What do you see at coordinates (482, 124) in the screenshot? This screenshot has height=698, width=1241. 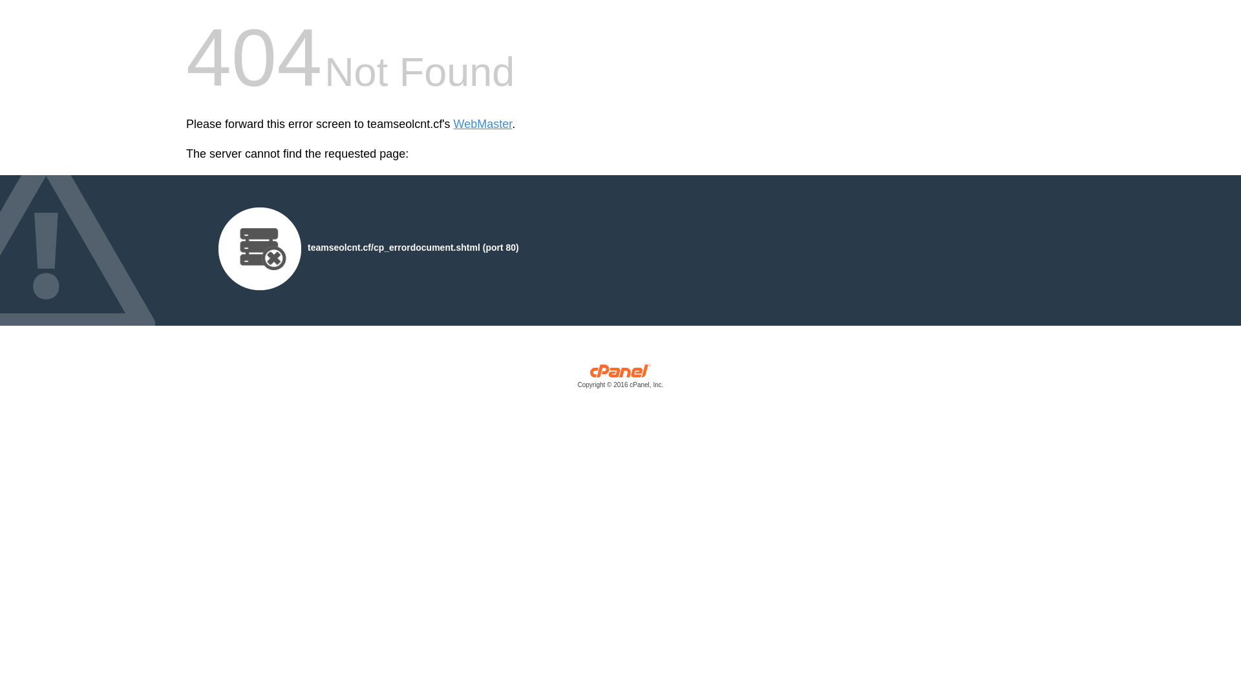 I see `'WebMaster'` at bounding box center [482, 124].